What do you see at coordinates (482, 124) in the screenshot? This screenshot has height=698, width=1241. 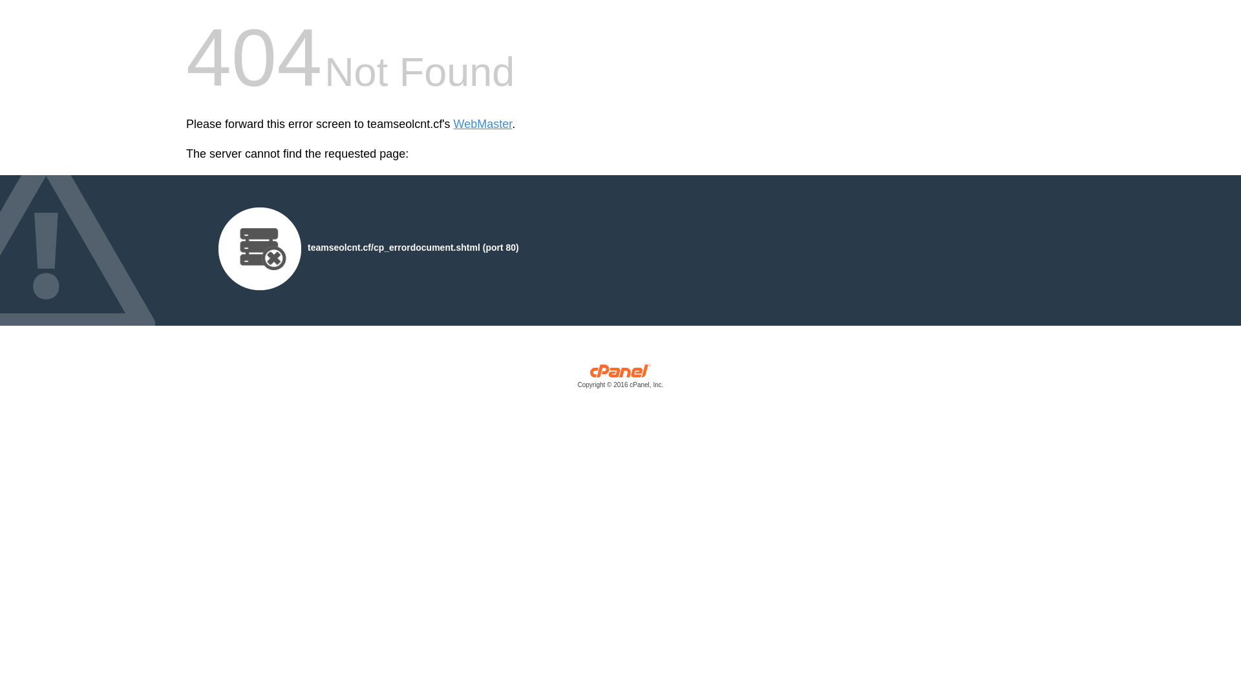 I see `'WebMaster'` at bounding box center [482, 124].